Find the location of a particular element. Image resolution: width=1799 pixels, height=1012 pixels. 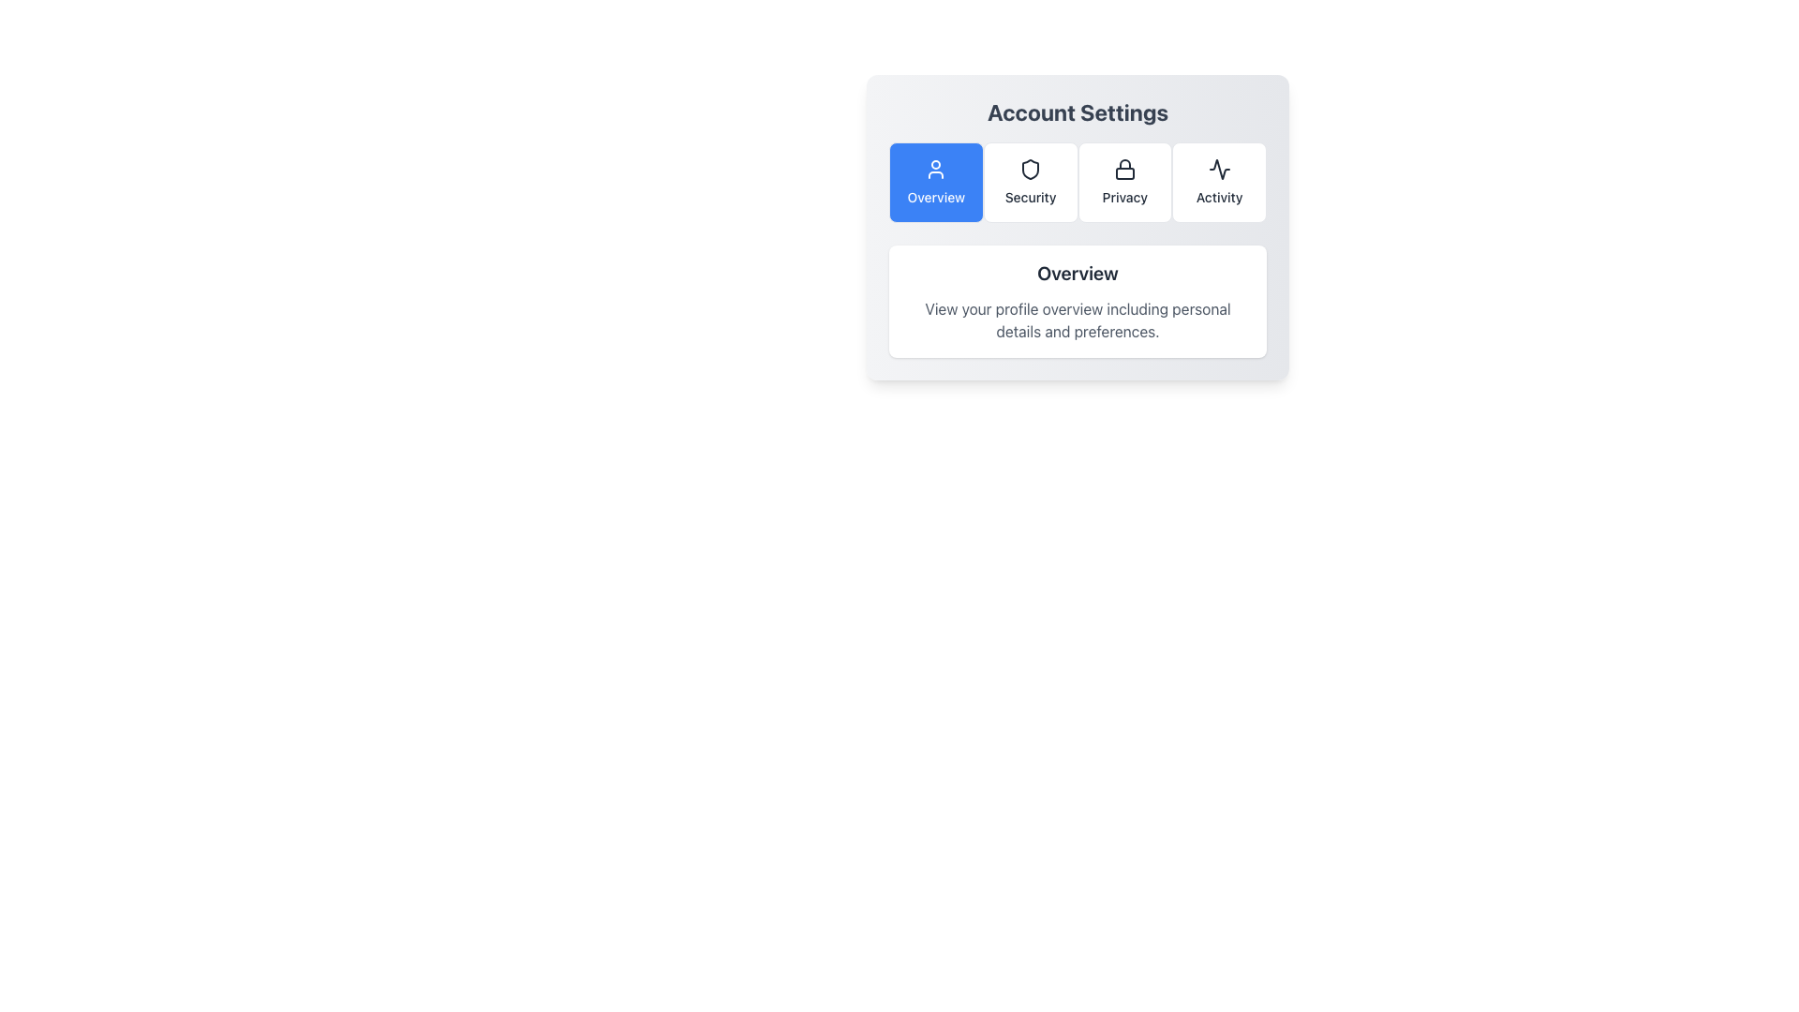

the lock icon located at the top of the 'Privacy' card in the 'Account Settings' interface is located at coordinates (1124, 170).